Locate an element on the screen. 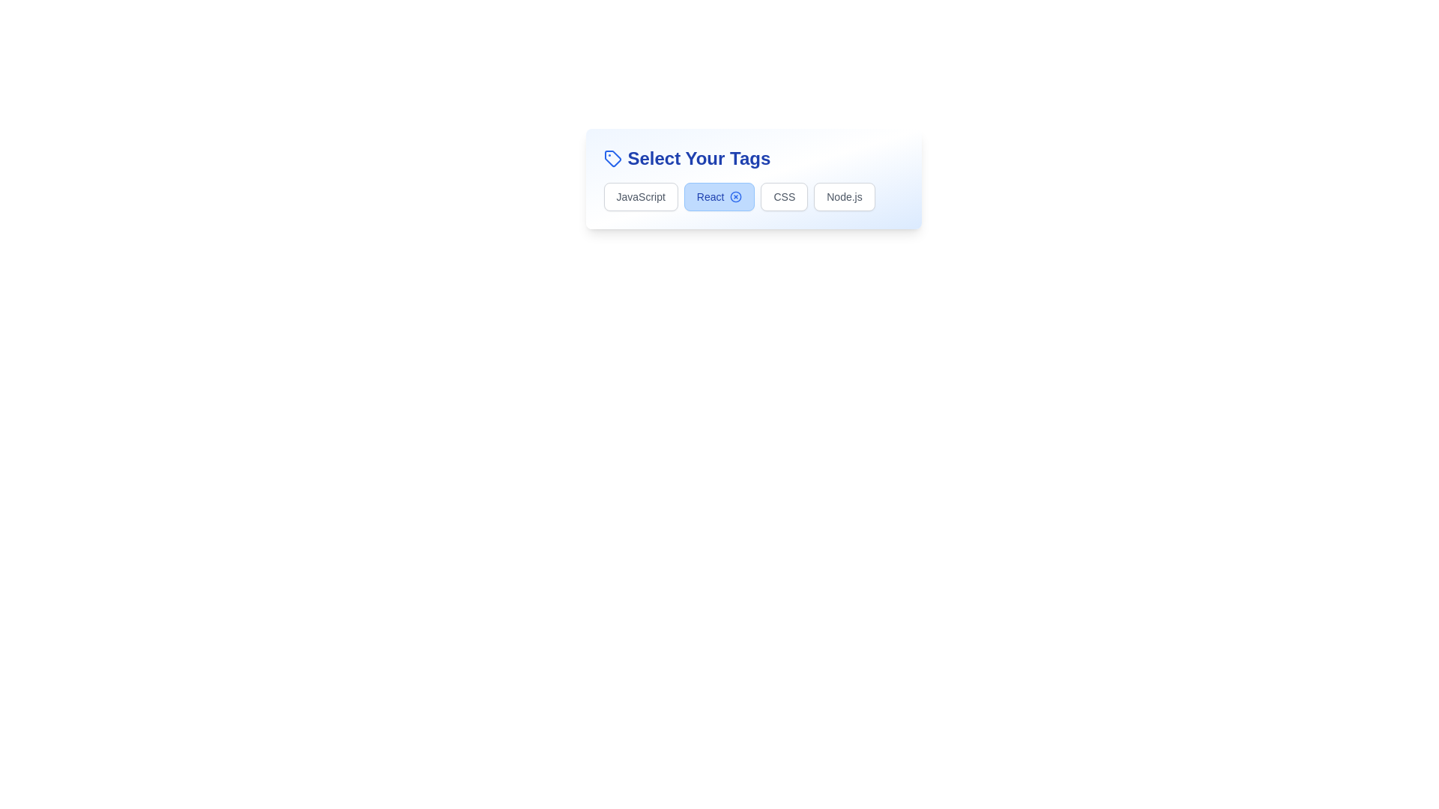 The height and width of the screenshot is (809, 1439). the rectangular button labeled 'JavaScript' with a white background and gray border is located at coordinates (641, 196).